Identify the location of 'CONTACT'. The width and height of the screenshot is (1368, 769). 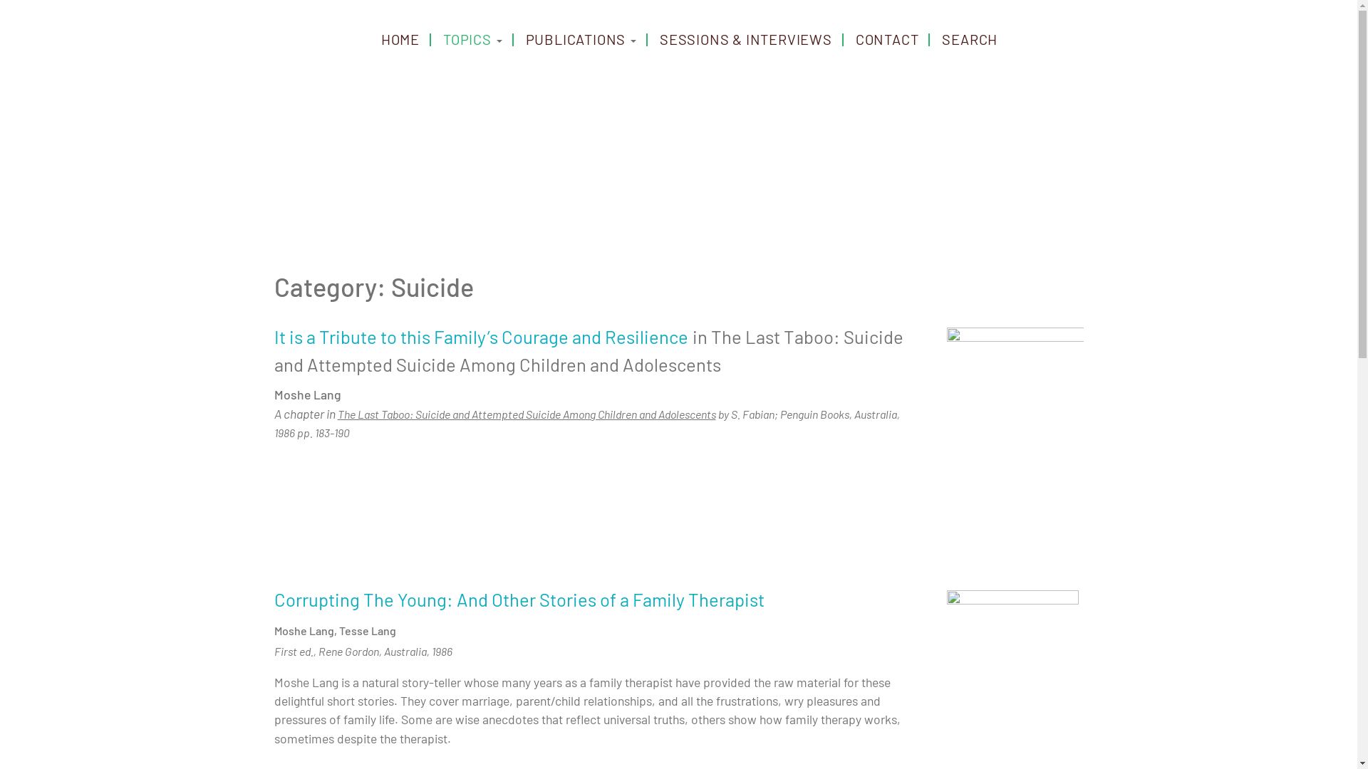
(886, 38).